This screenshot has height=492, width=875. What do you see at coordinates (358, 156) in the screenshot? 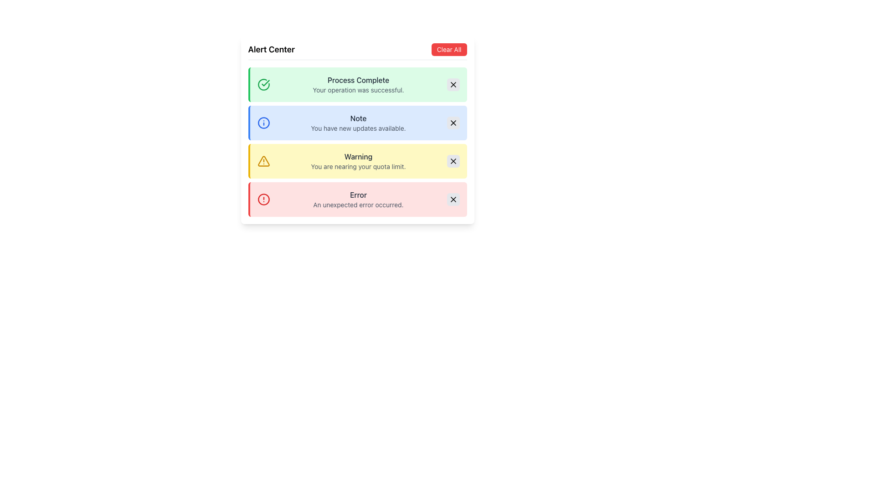
I see `the Text label which serves as the title for the associated alert, located in the third notification box from the top in the 'Alert Center' interface, above the message 'You are nearing your quota limit.'` at bounding box center [358, 156].